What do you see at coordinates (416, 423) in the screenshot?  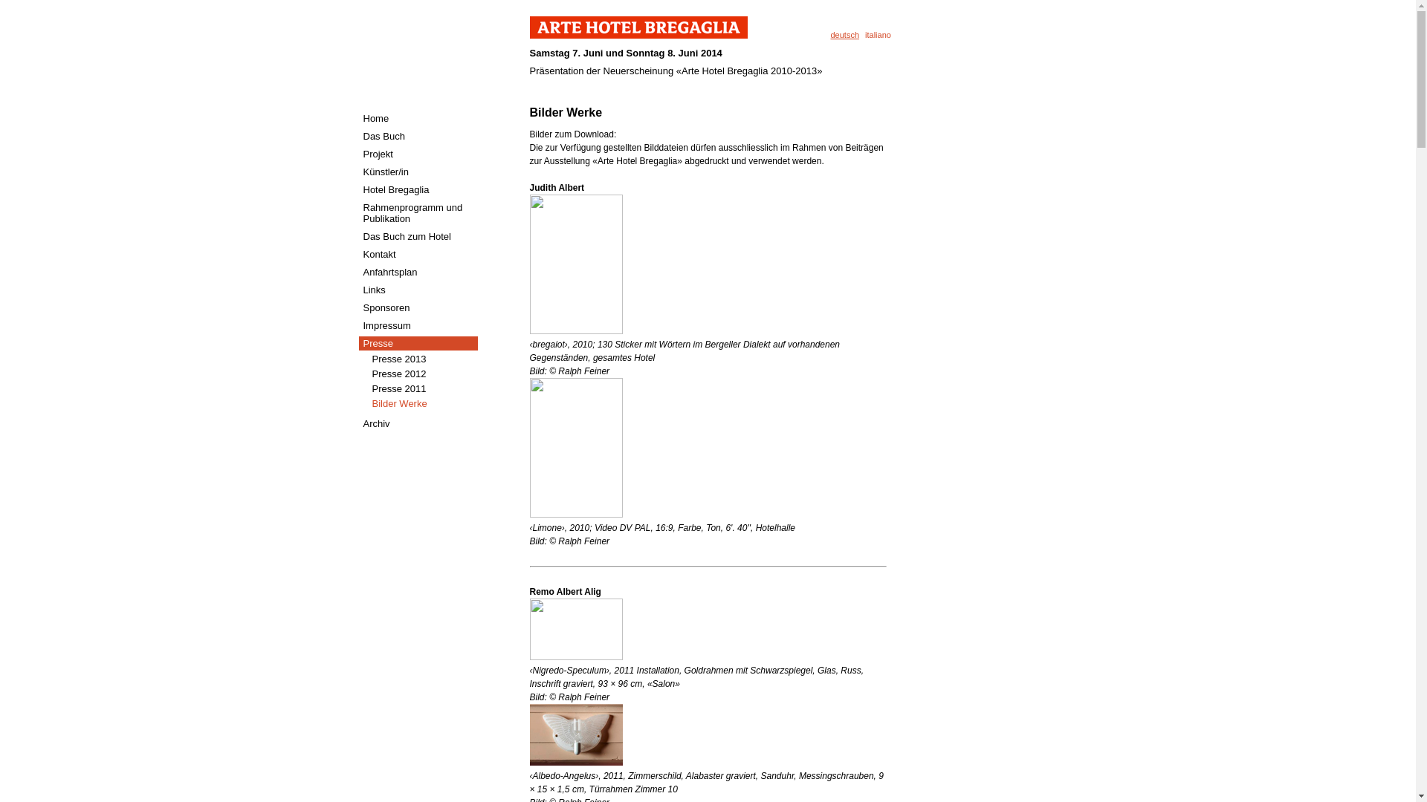 I see `'Archiv'` at bounding box center [416, 423].